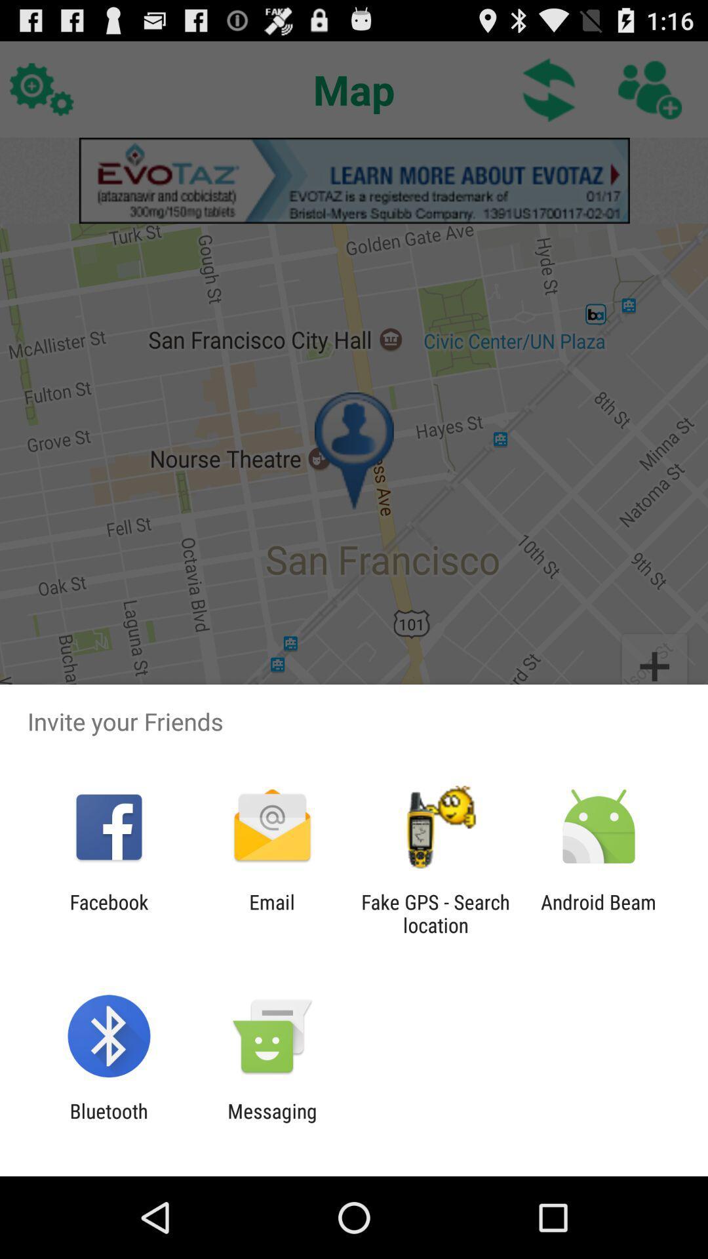  Describe the element at coordinates (435, 913) in the screenshot. I see `the fake gps search item` at that location.